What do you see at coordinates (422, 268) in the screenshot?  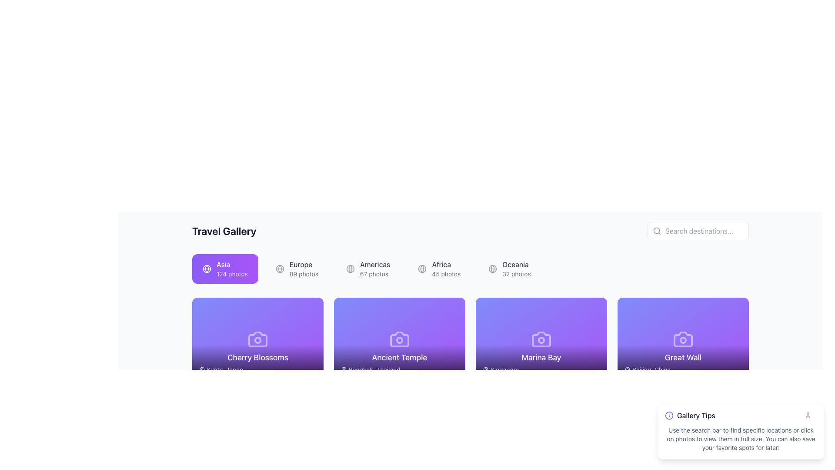 I see `the globe icon representing the 'Africa' category, which is the fourth icon in the horizontal list of travel categories, located between 'Americas' and 'Oceania'` at bounding box center [422, 268].